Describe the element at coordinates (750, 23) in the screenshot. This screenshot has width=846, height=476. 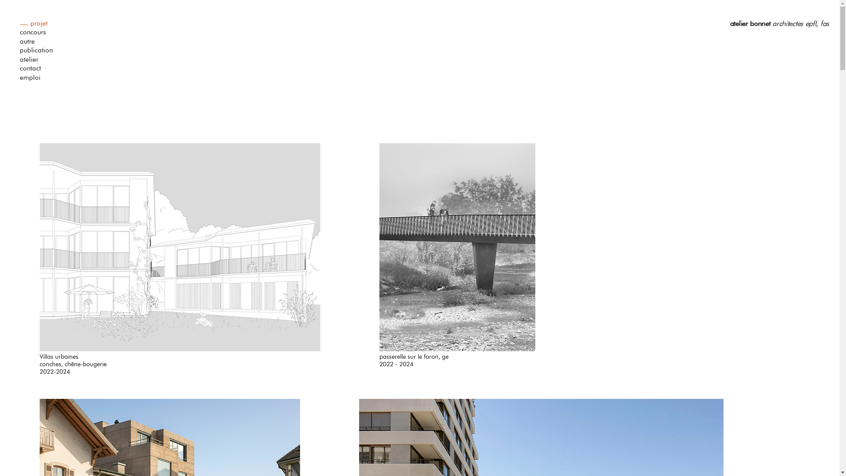
I see `'atelier bonnet'` at that location.